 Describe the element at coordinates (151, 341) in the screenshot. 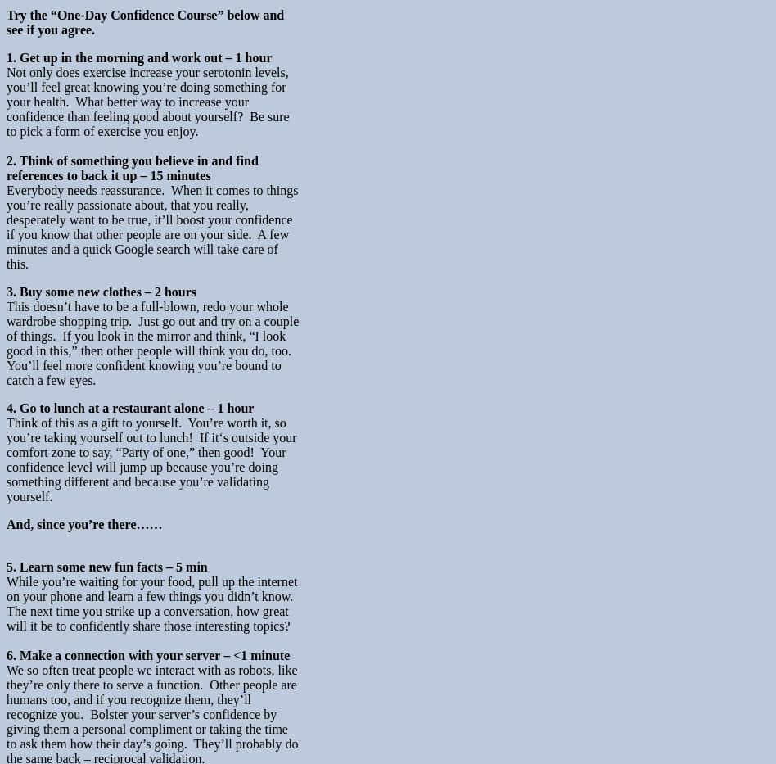

I see `'This doesn’t have to be a full-blown, redo your whole wardrobe shopping trip.  Just go out and try on a couple of things.  If you look in the mirror and think, “I look good in this,” then other people will think you do, too.  You’ll feel more confident knowing you’re bound to catch a few eyes.'` at that location.